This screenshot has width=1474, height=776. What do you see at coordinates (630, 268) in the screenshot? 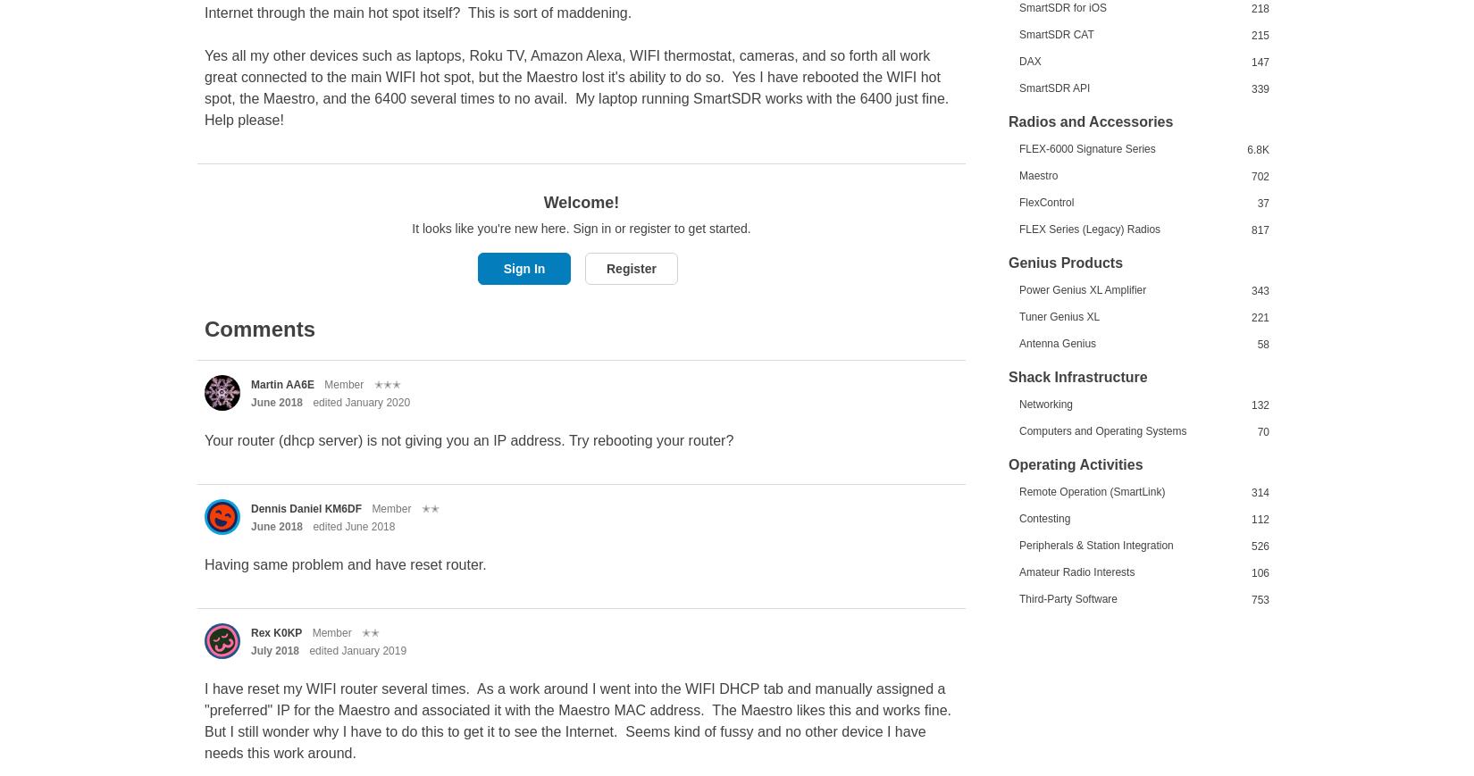
I see `'Register'` at bounding box center [630, 268].